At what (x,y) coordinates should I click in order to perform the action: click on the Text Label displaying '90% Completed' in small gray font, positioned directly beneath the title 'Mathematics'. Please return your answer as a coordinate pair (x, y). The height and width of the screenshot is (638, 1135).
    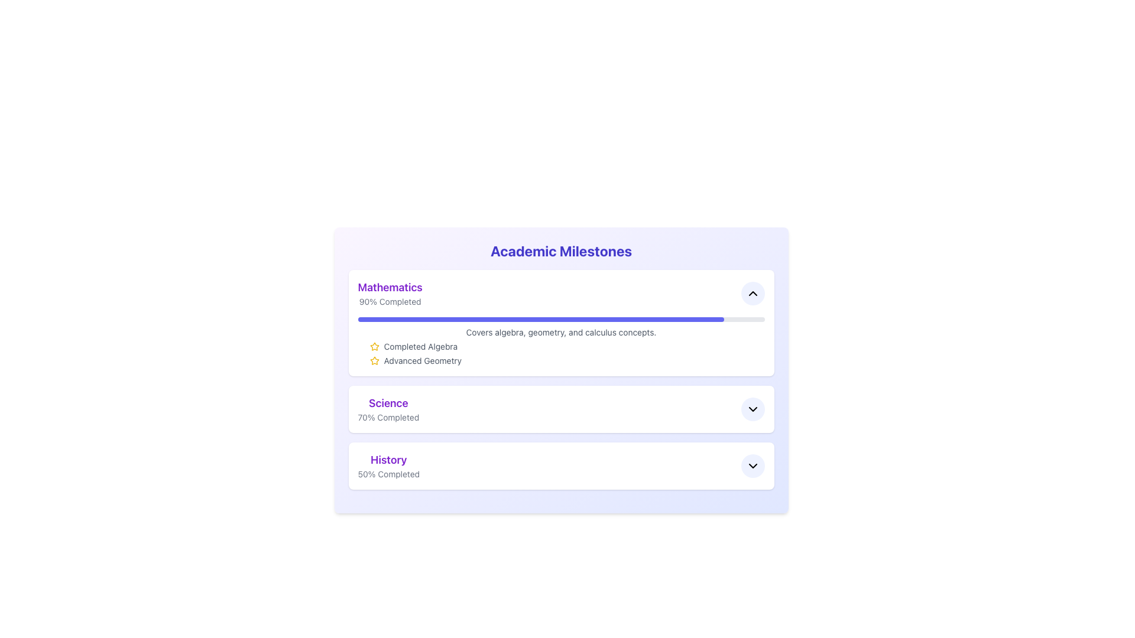
    Looking at the image, I should click on (390, 301).